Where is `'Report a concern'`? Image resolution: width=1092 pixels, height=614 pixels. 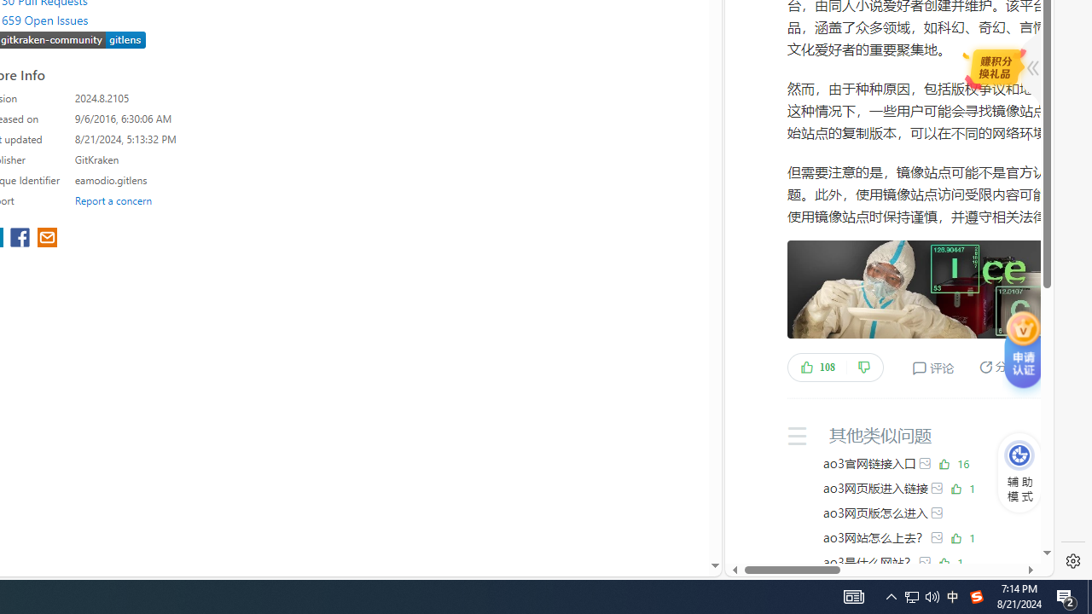 'Report a concern' is located at coordinates (113, 200).